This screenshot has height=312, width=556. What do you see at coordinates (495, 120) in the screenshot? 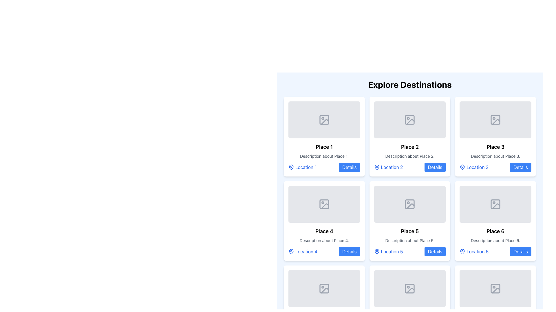
I see `the Image Placeholder with a gray background and a centered icon representing a simplified image outline, located above the text and buttons related to 'Place 3'` at bounding box center [495, 120].